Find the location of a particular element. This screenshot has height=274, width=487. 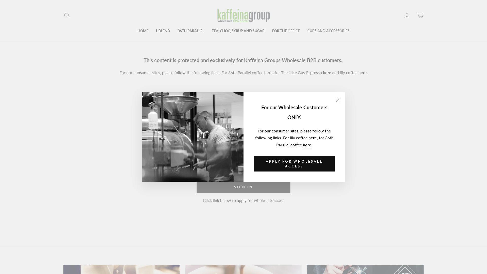

'APPLY FOR WHOLESALE ACCESS' is located at coordinates (294, 164).